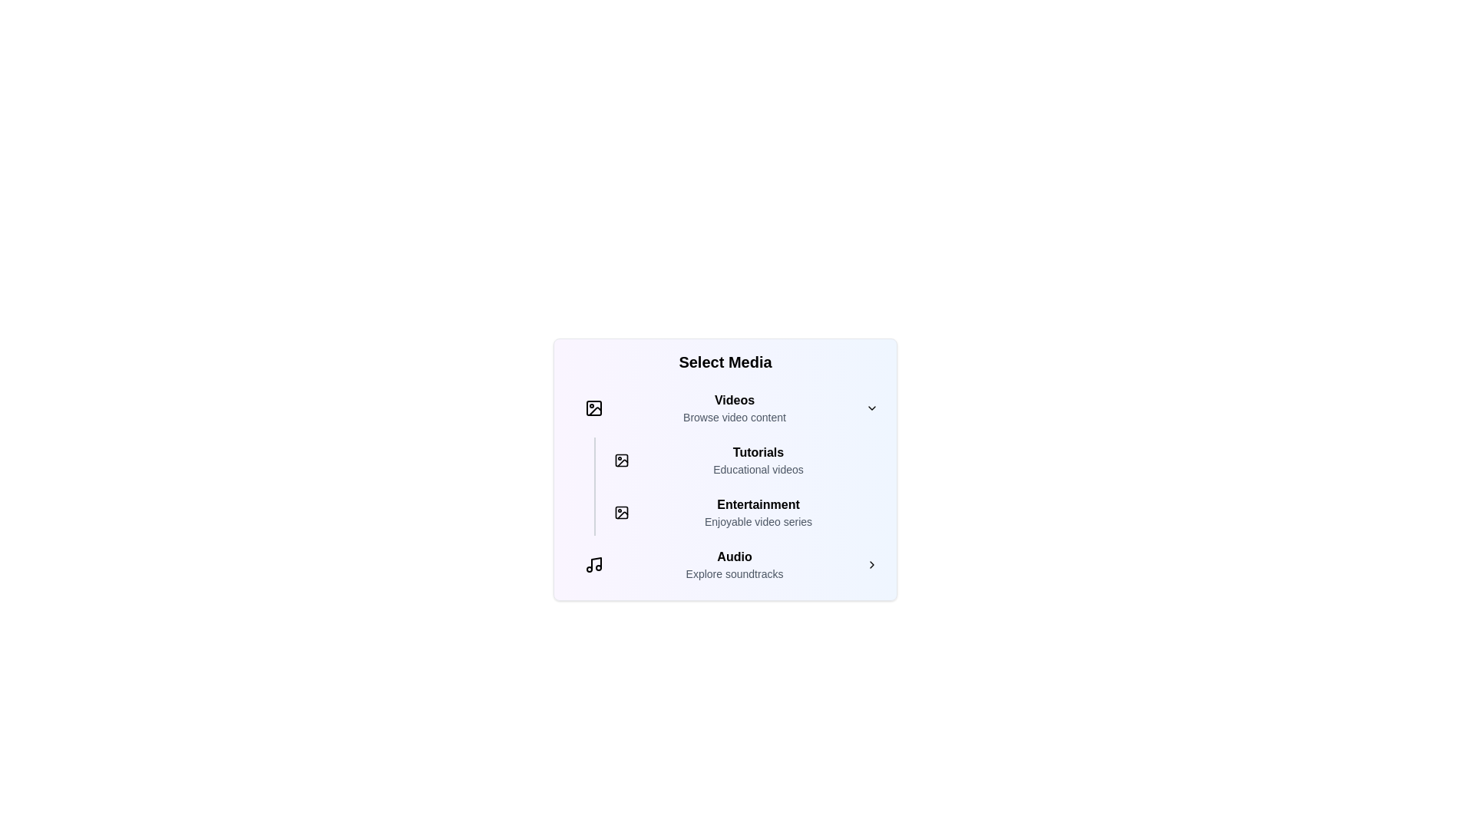 The width and height of the screenshot is (1474, 829). What do you see at coordinates (739, 486) in the screenshot?
I see `the icons in the Grouped list item or content category block located below the 'Videos' section and above the 'Audio' section` at bounding box center [739, 486].